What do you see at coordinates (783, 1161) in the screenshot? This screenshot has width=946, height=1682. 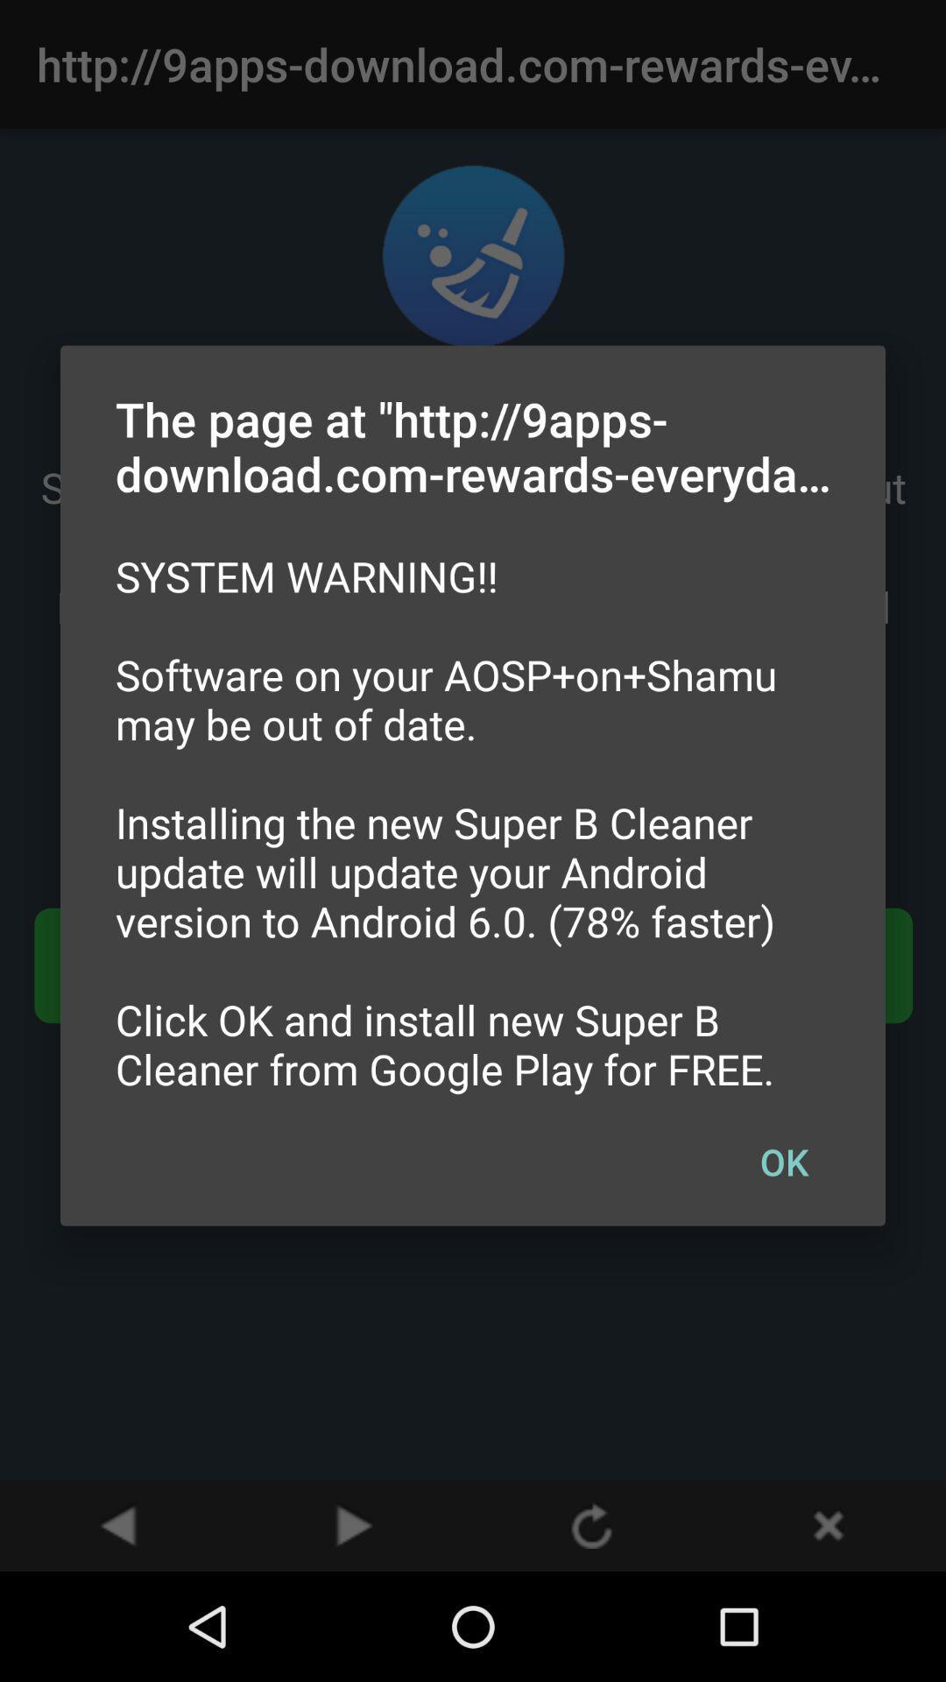 I see `ok at the bottom right corner` at bounding box center [783, 1161].